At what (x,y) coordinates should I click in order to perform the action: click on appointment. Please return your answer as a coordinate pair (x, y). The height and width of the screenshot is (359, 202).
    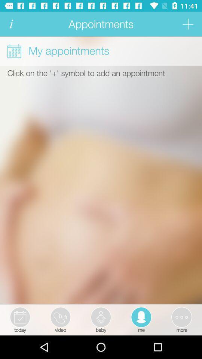
    Looking at the image, I should click on (187, 24).